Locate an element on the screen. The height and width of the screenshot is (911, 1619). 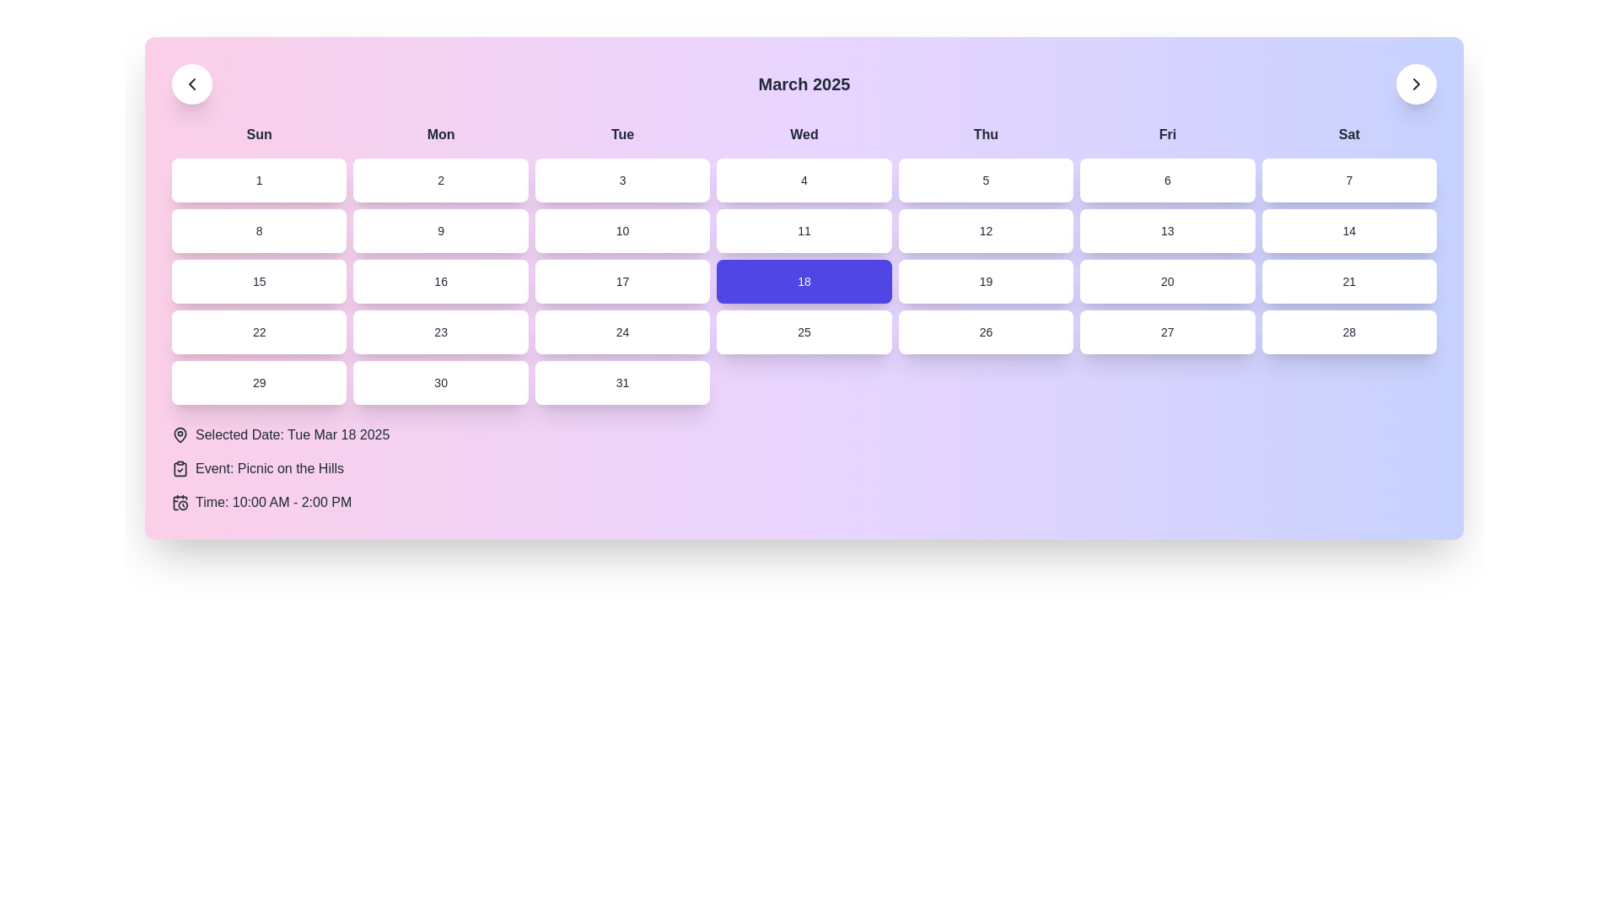
the teardrop-shaped vector graphic component of the map pin icon, located directly below the circular part of the icon is located at coordinates (180, 434).